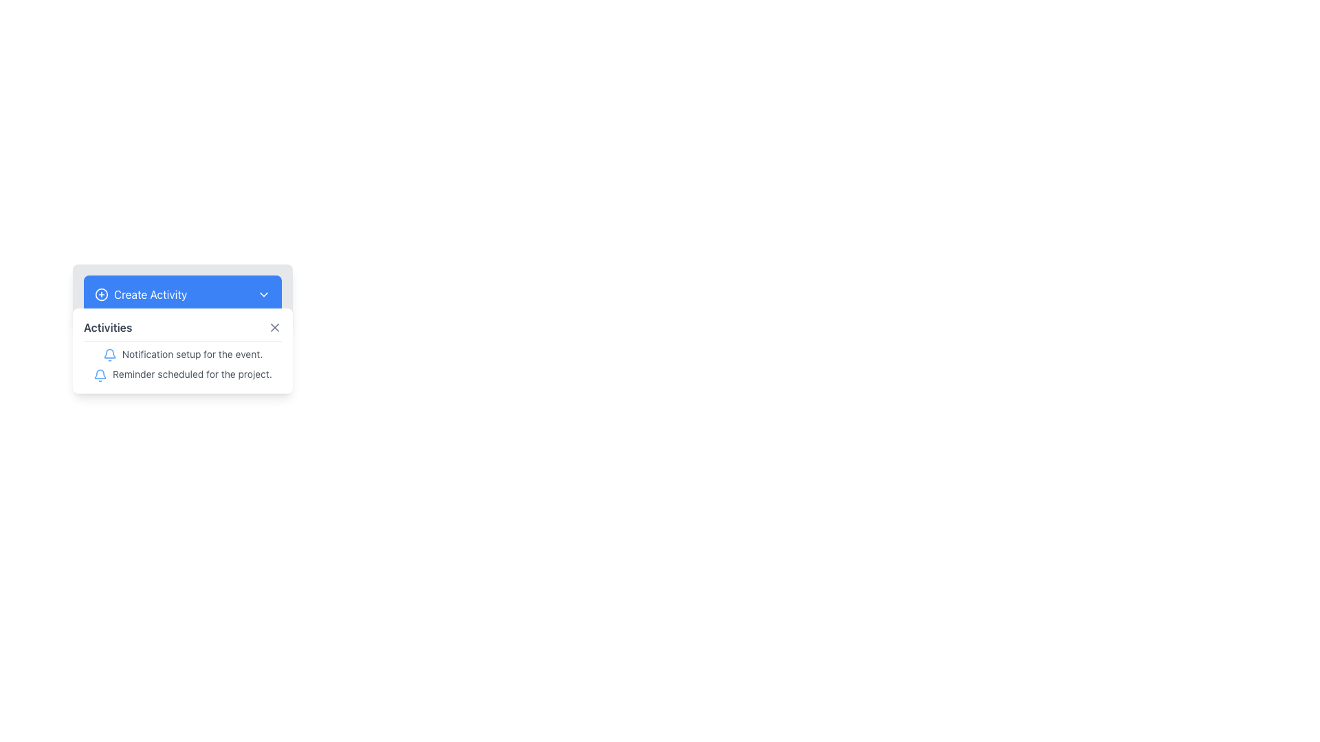 Image resolution: width=1320 pixels, height=742 pixels. I want to click on the SVG circle element located at the leftmost region of the header, which visually represents the base of an icon, so click(101, 293).